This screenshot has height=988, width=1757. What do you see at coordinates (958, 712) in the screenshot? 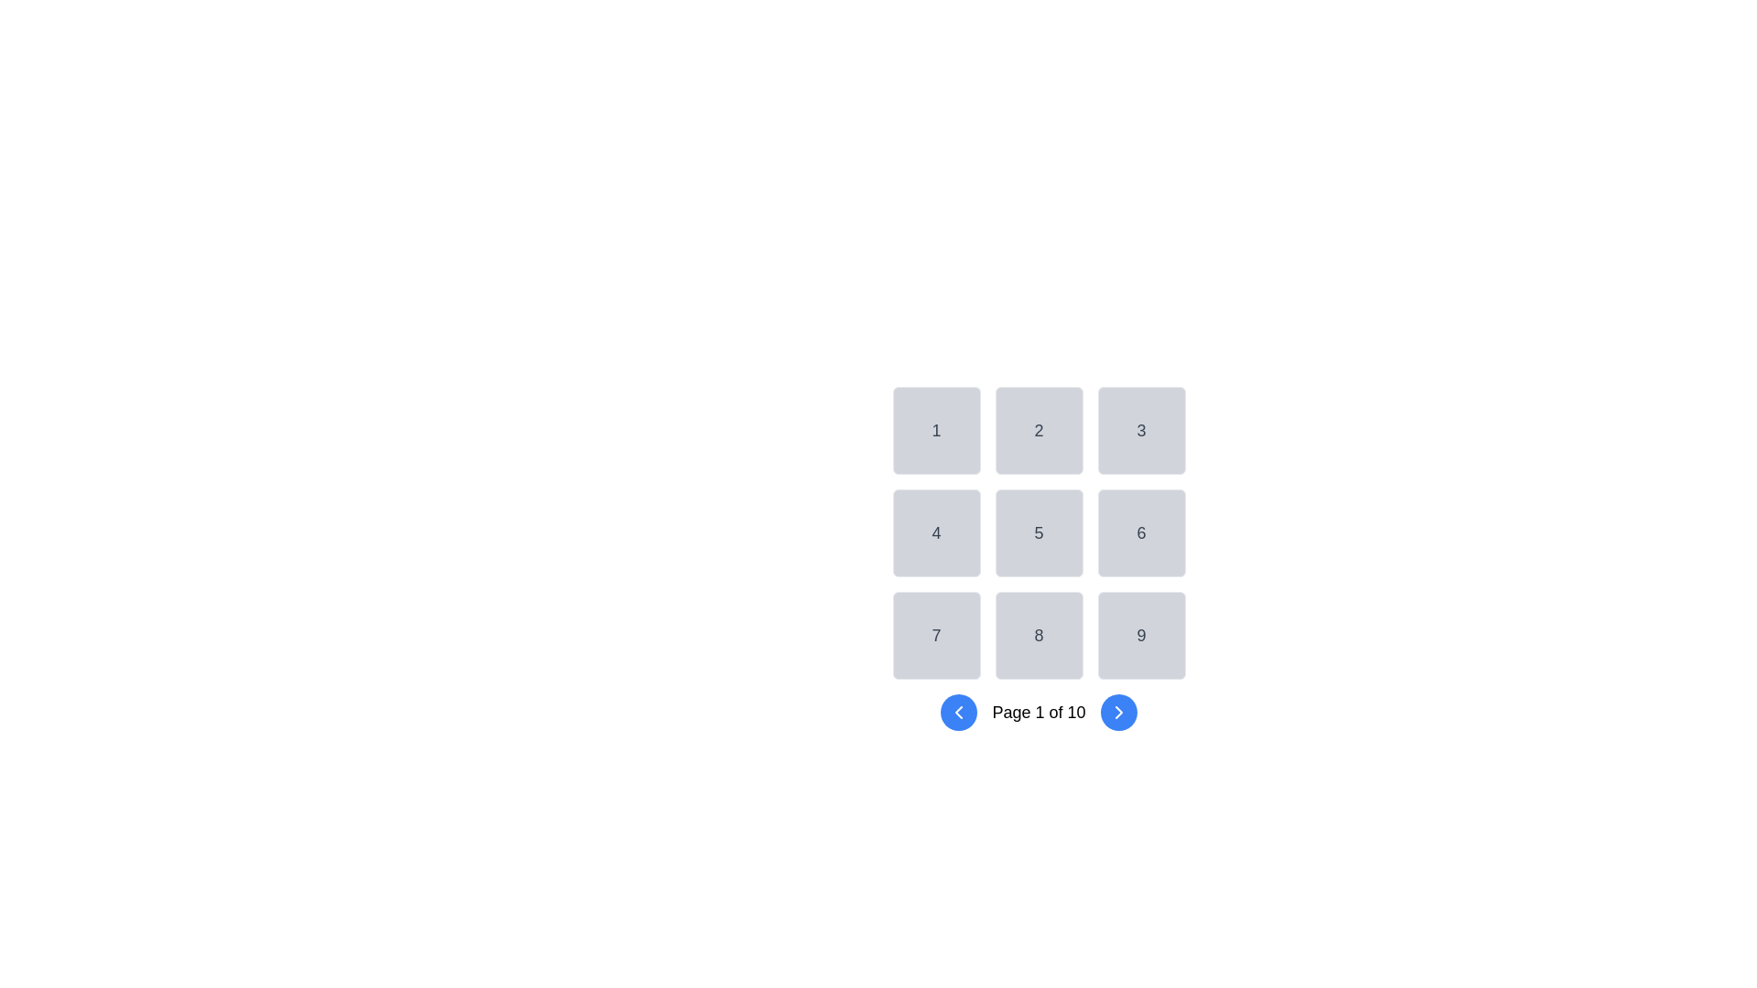
I see `the pagination control button located in the bottom-left area, which allows users to navigate to the previous page` at bounding box center [958, 712].